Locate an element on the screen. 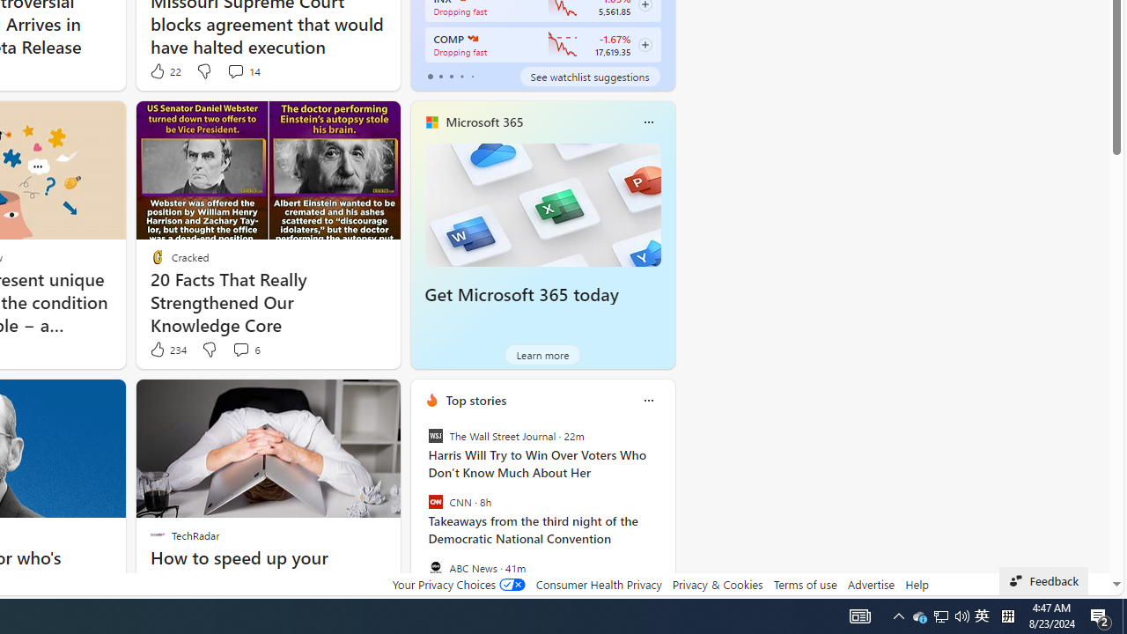  'View comments 6 Comment' is located at coordinates (239, 350).